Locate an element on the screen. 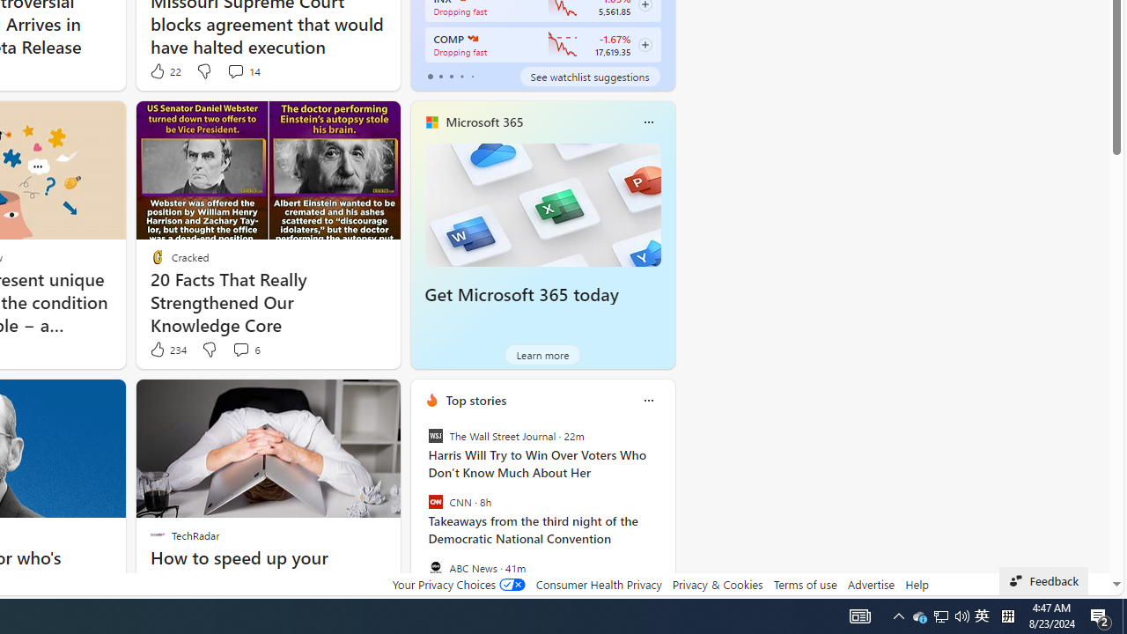  'View comments 6 Comment' is located at coordinates (239, 350).